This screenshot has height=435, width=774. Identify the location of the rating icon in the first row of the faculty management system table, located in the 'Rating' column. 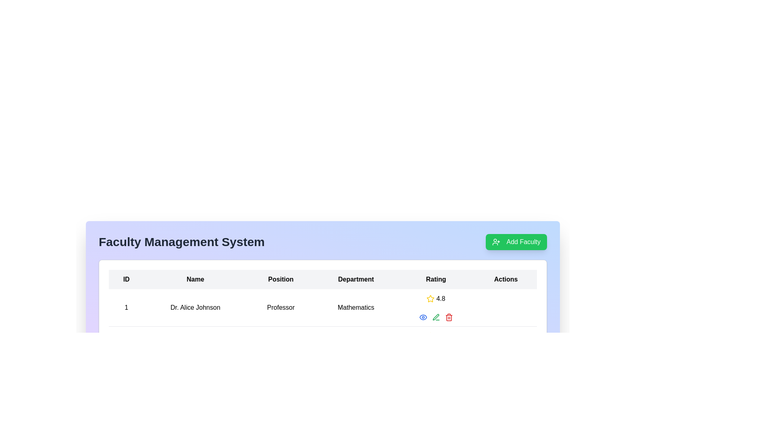
(430, 298).